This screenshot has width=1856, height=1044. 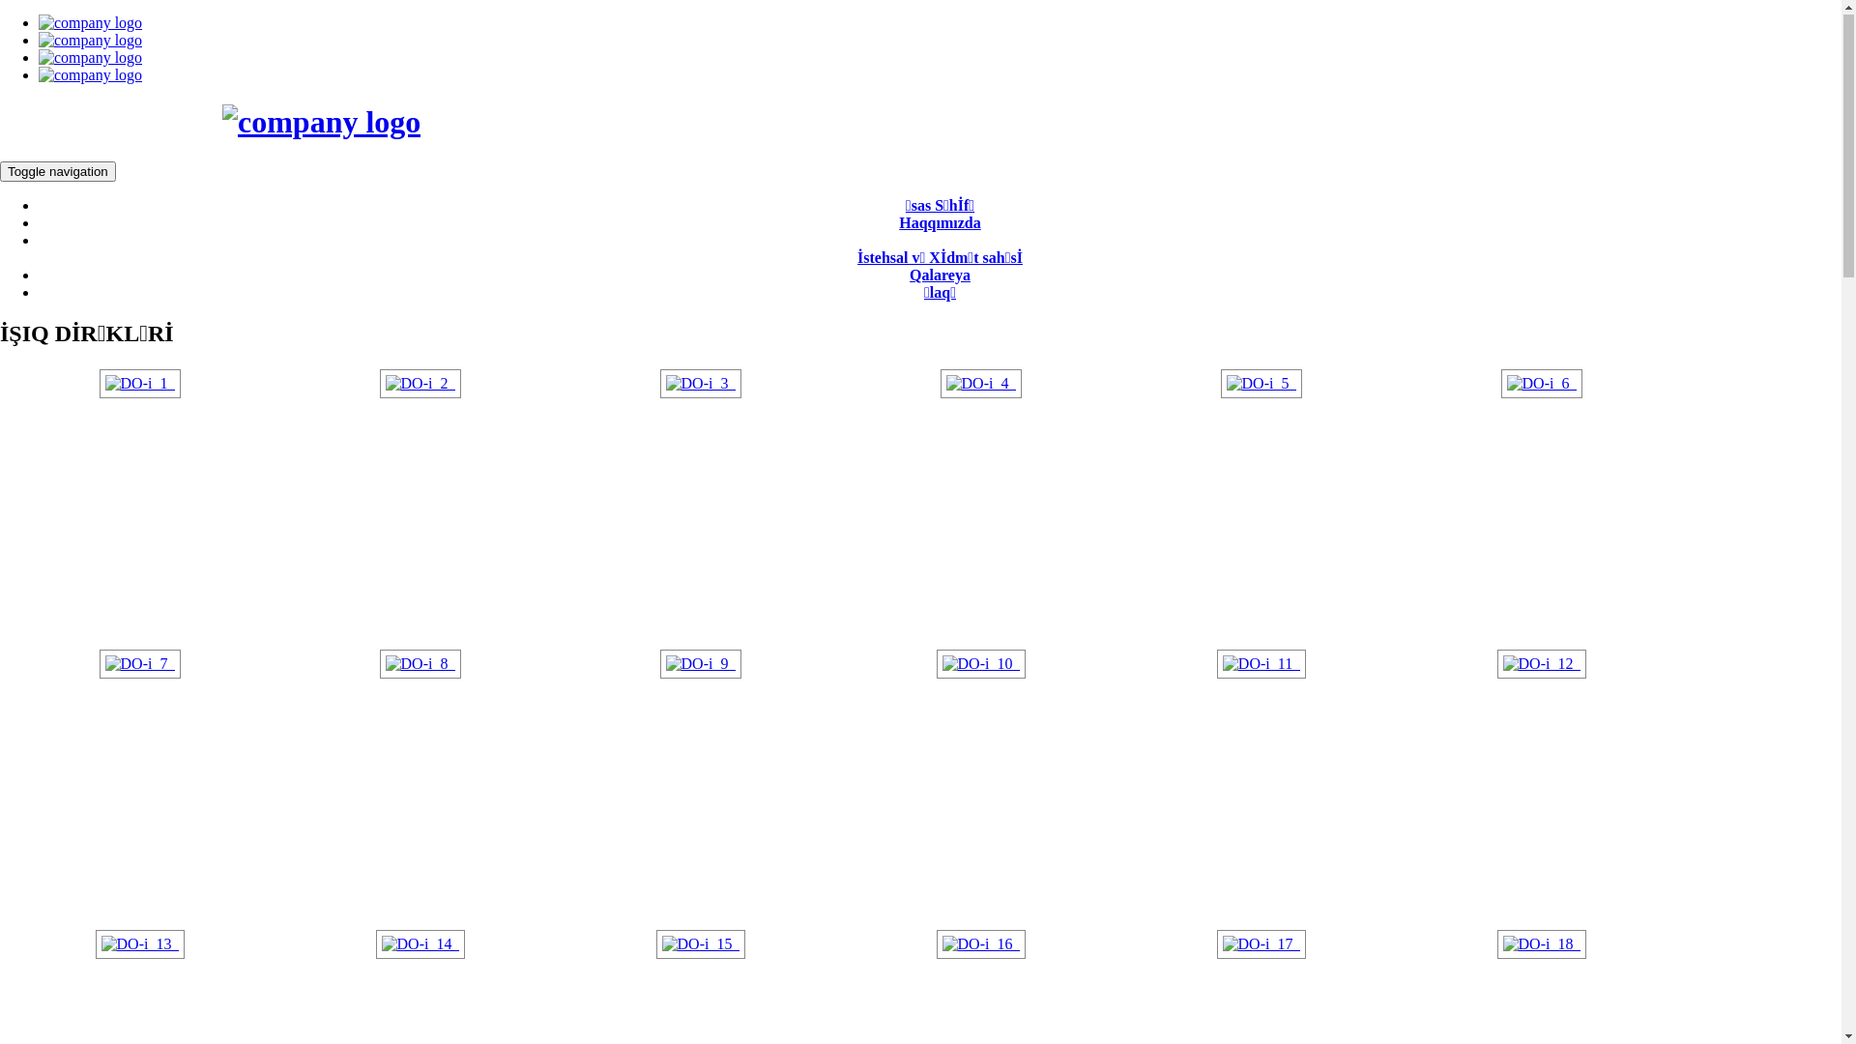 I want to click on 'DO-i_17_', so click(x=1213, y=943).